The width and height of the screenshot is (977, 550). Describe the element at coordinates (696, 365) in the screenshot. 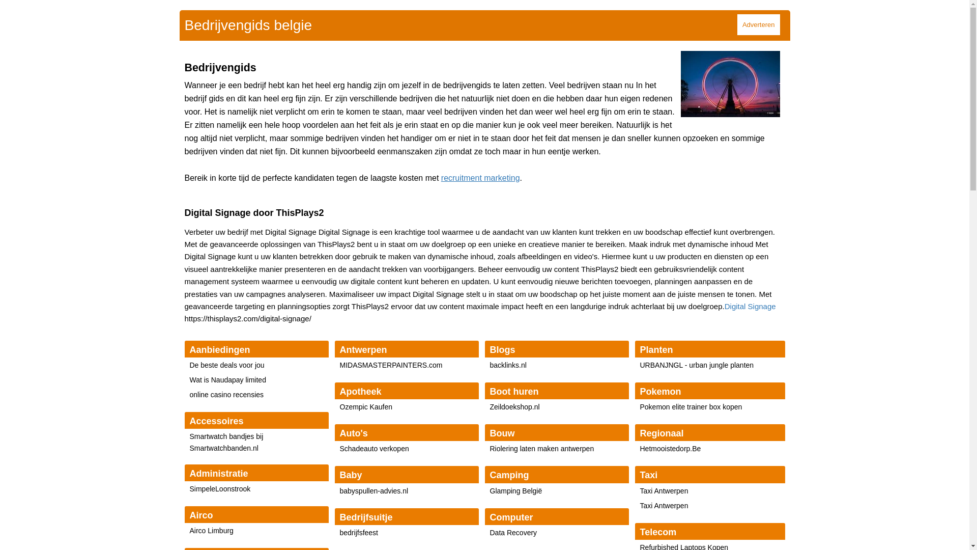

I see `'URBANJNGL - urban jungle planten'` at that location.